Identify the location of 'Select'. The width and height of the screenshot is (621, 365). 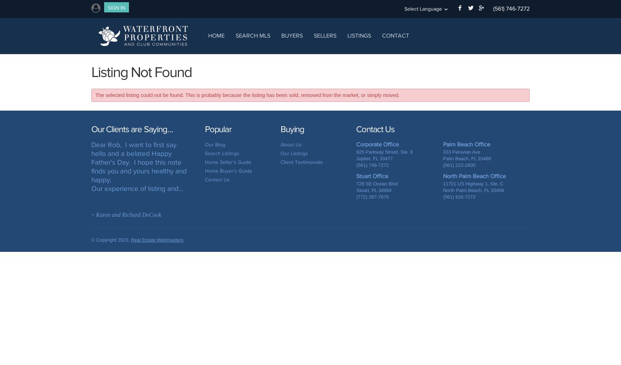
(411, 9).